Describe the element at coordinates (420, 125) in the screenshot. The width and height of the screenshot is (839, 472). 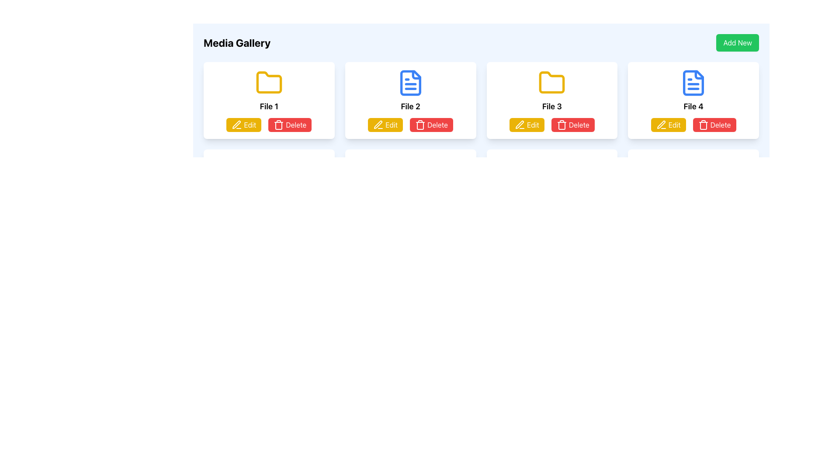
I see `the trash bin icon within the Delete button next to 'File 2' in the media gallery` at that location.